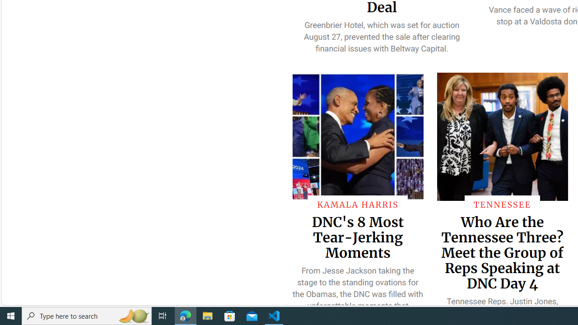  What do you see at coordinates (185, 315) in the screenshot?
I see `'Microsoft Edge - 1 running window'` at bounding box center [185, 315].